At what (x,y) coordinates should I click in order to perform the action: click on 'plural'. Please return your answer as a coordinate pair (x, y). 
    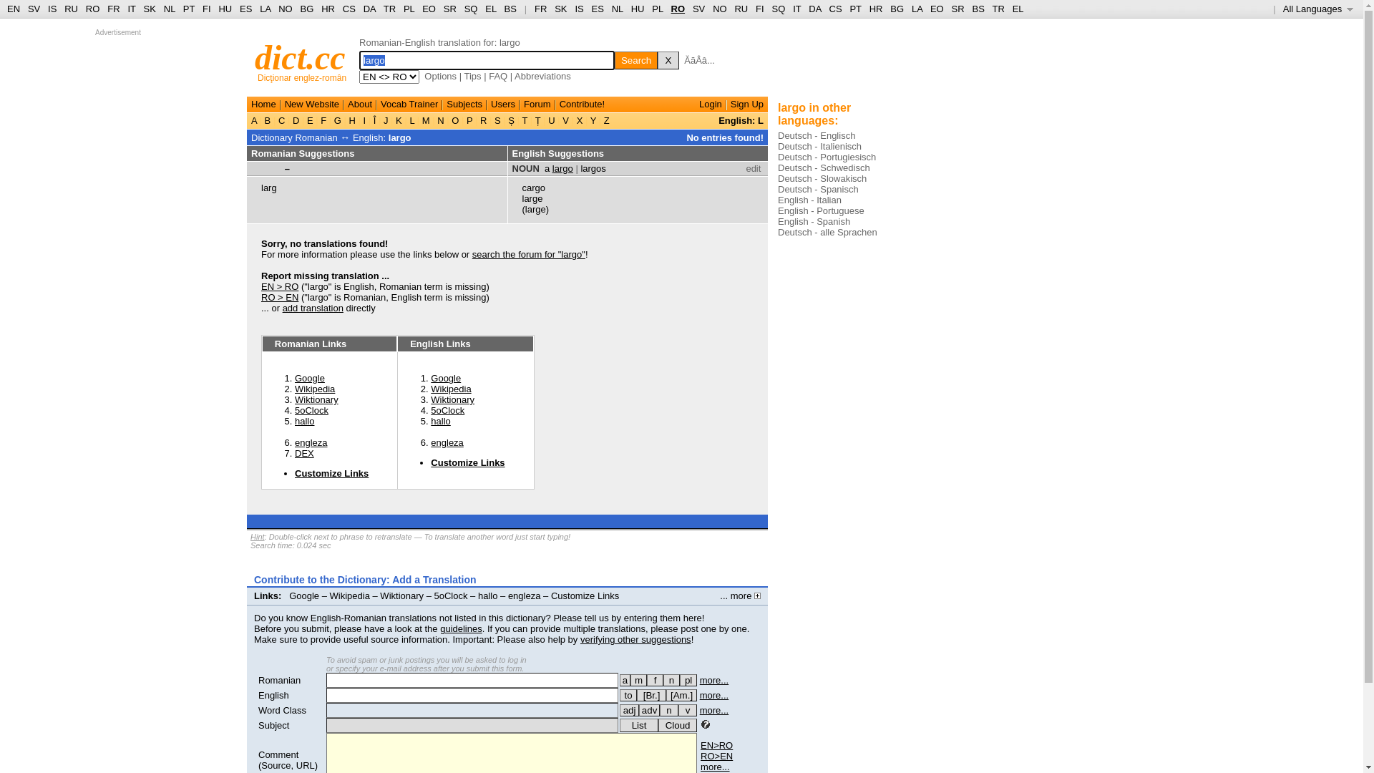
    Looking at the image, I should click on (688, 679).